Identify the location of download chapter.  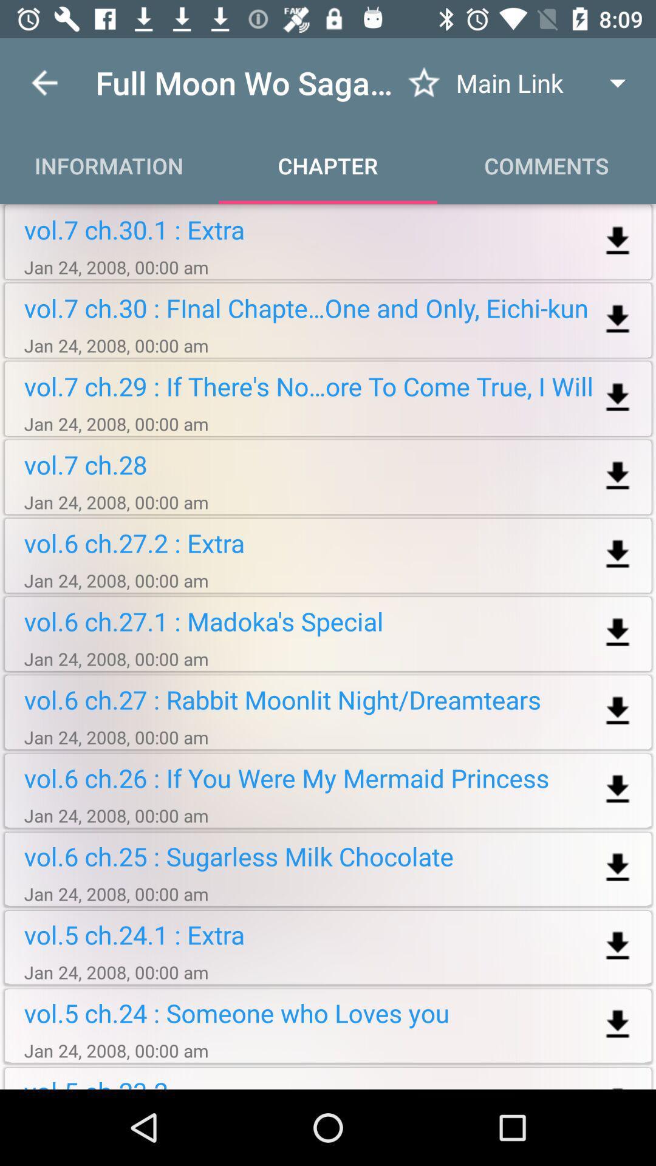
(618, 789).